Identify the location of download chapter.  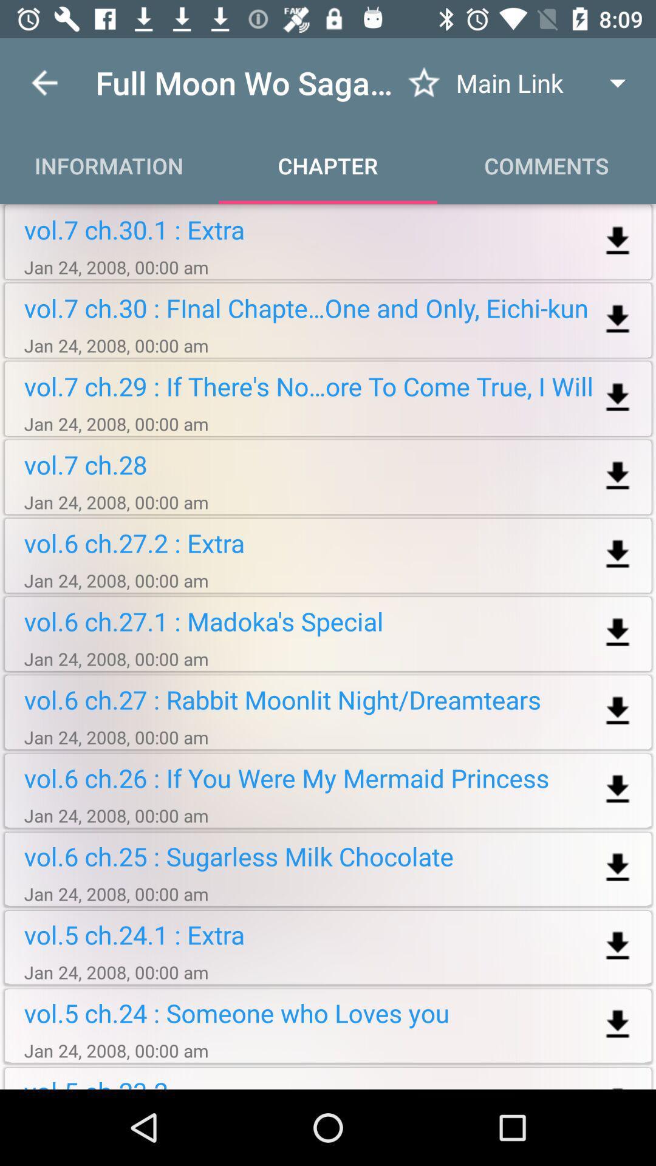
(618, 789).